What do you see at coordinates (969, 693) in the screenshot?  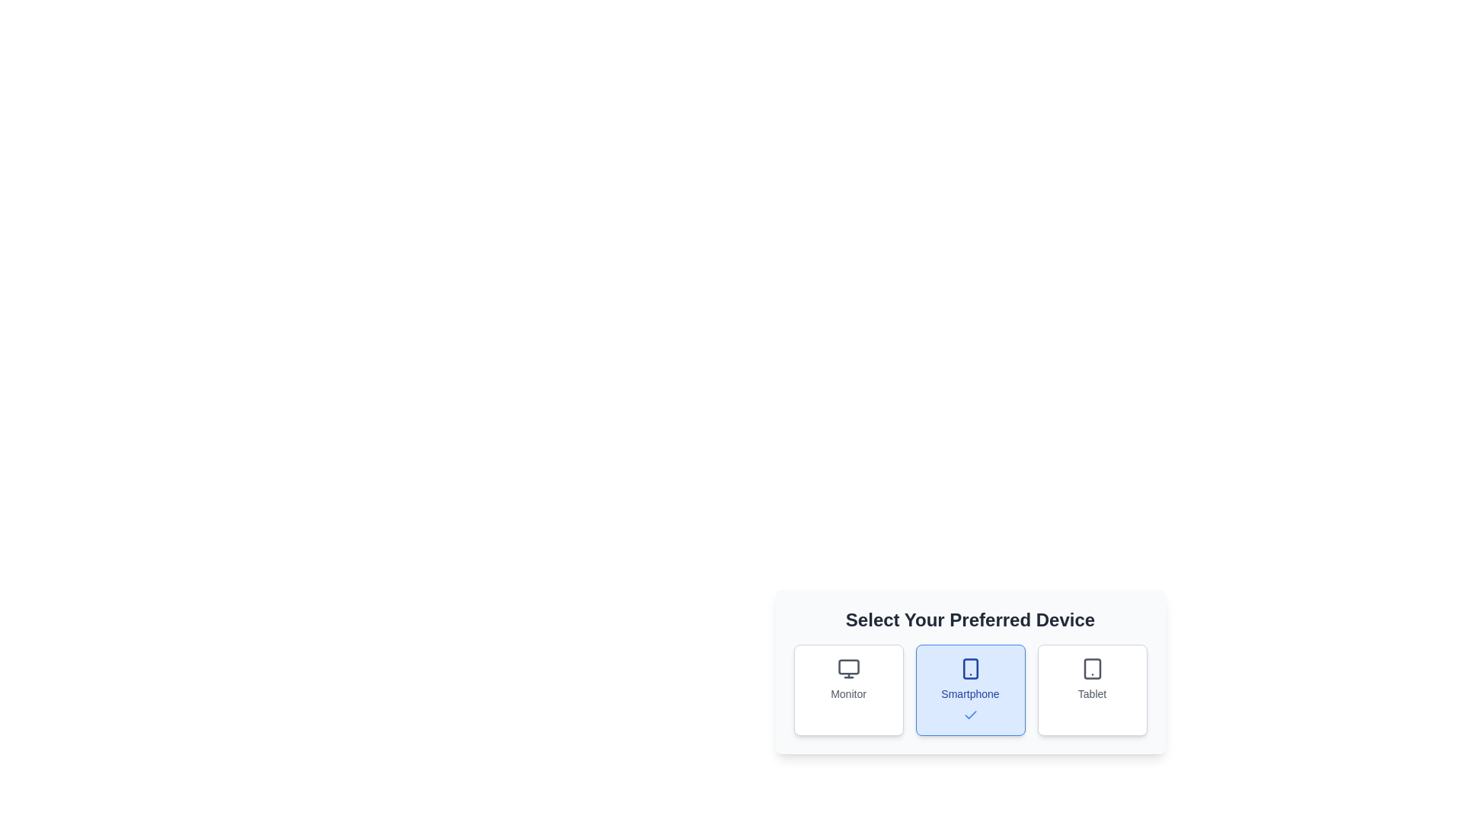 I see `the text 'Smartphone' in the highlighted card with a blue border and background, which is the second option among 'Monitor,' 'Smartphone,' and 'Tablet.'` at bounding box center [969, 693].